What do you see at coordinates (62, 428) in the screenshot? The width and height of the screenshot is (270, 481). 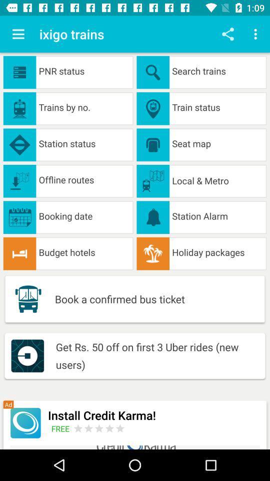 I see `free icon` at bounding box center [62, 428].